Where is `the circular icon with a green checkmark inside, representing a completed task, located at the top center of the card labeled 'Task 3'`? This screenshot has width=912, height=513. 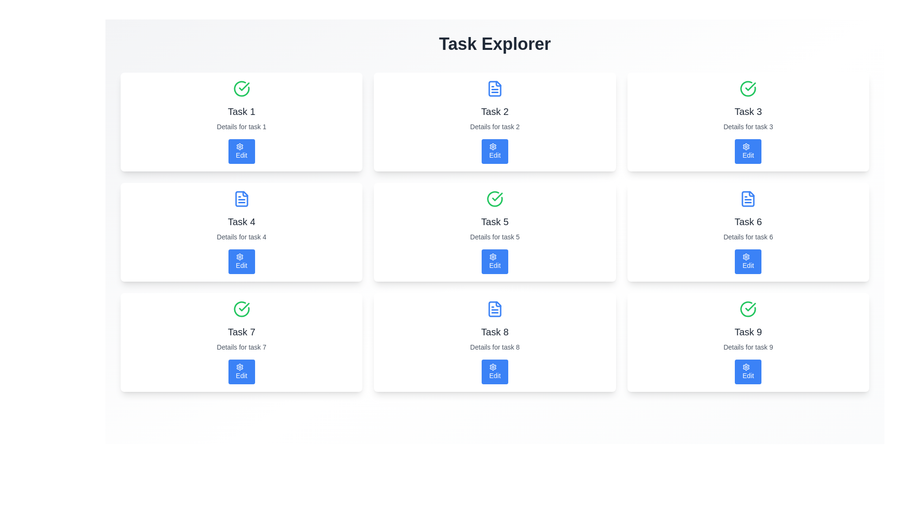
the circular icon with a green checkmark inside, representing a completed task, located at the top center of the card labeled 'Task 3' is located at coordinates (748, 88).